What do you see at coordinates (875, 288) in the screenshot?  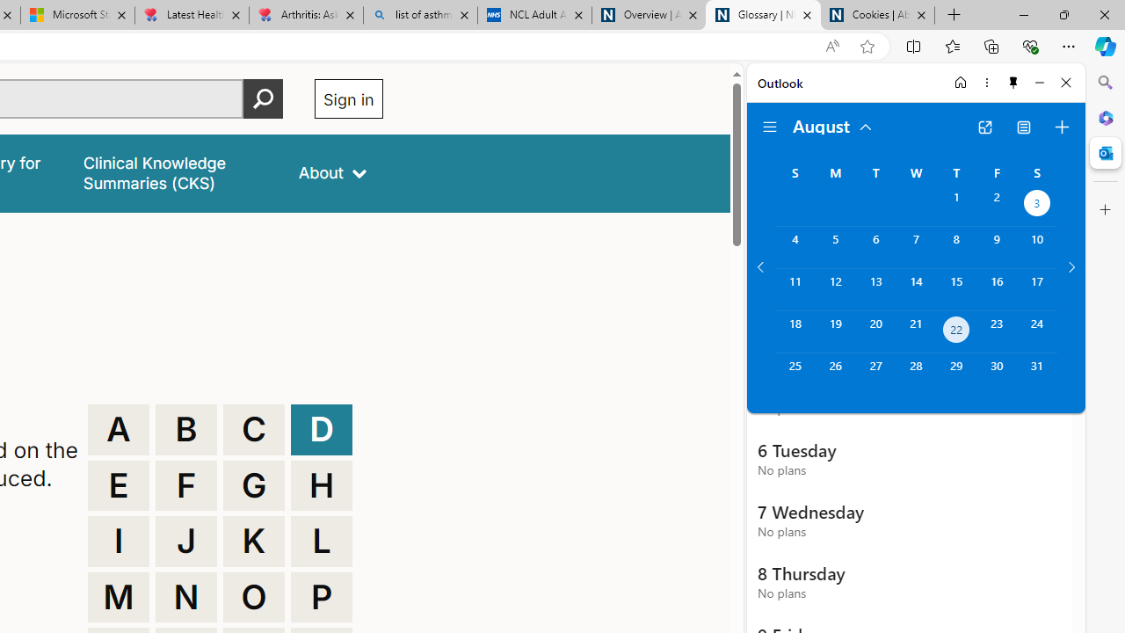 I see `'Tuesday, August 13, 2024. '` at bounding box center [875, 288].